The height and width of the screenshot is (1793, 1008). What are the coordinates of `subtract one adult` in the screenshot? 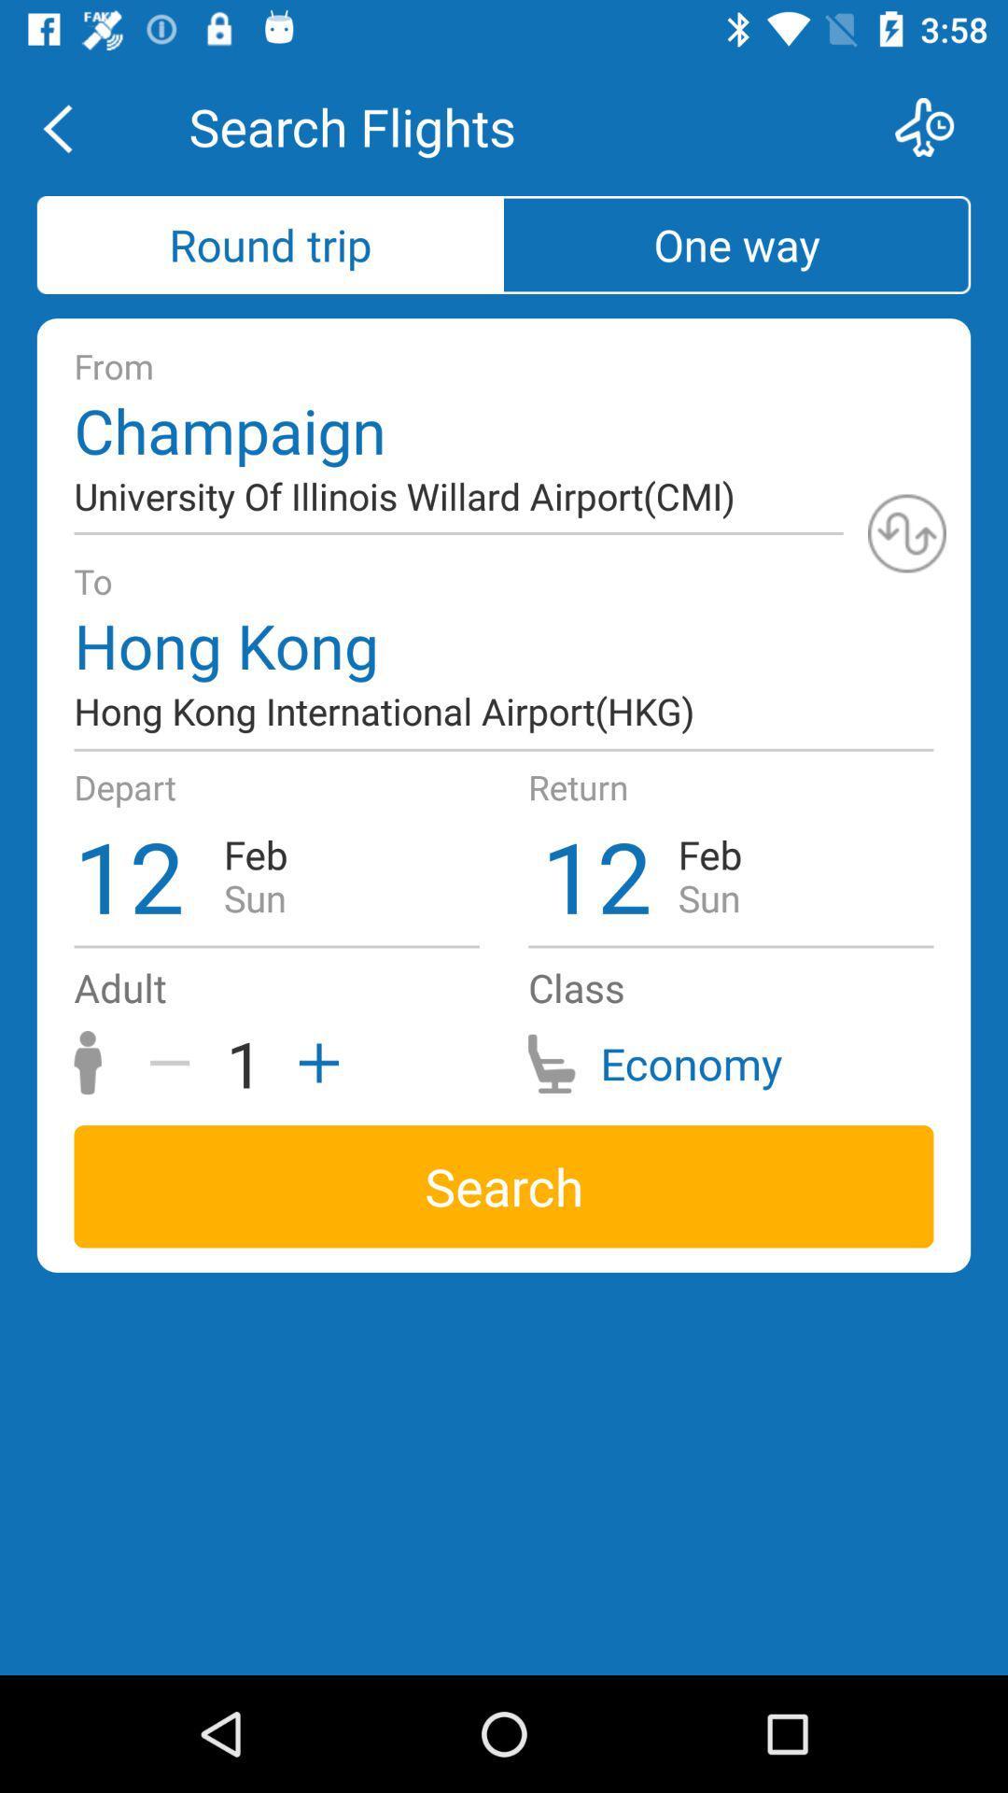 It's located at (176, 1063).